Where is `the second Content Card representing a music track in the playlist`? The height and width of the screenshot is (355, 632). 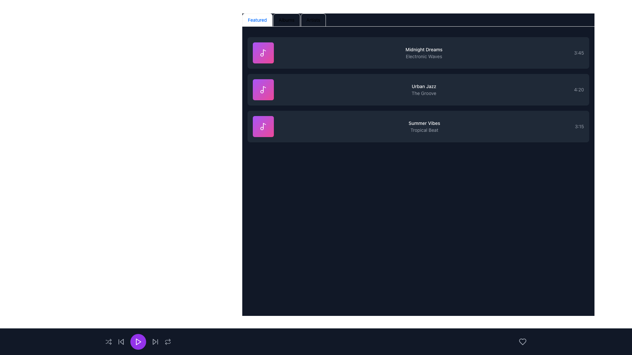
the second Content Card representing a music track in the playlist is located at coordinates (418, 90).